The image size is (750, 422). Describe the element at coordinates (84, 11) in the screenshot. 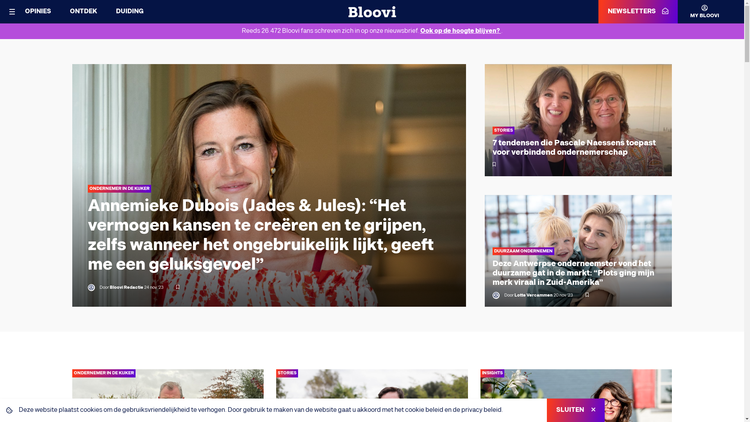

I see `'ONTDEK'` at that location.